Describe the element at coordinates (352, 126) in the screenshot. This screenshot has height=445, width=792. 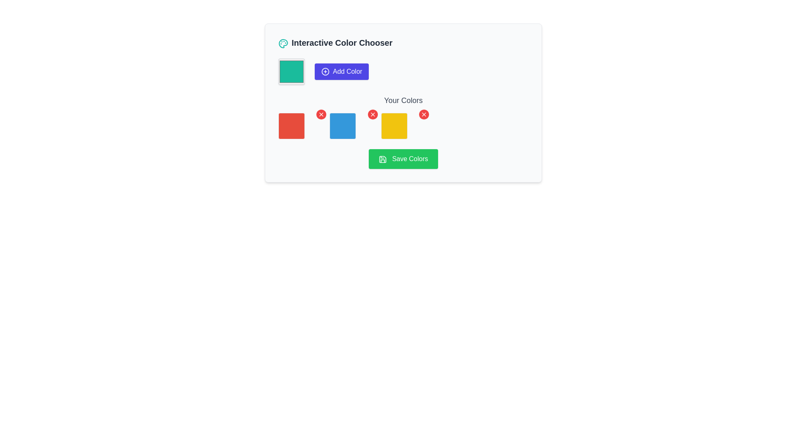
I see `the bright blue square color display with rounded corners, located in the third position of a horizontal grid layout beneath the label 'Your Colors'` at that location.